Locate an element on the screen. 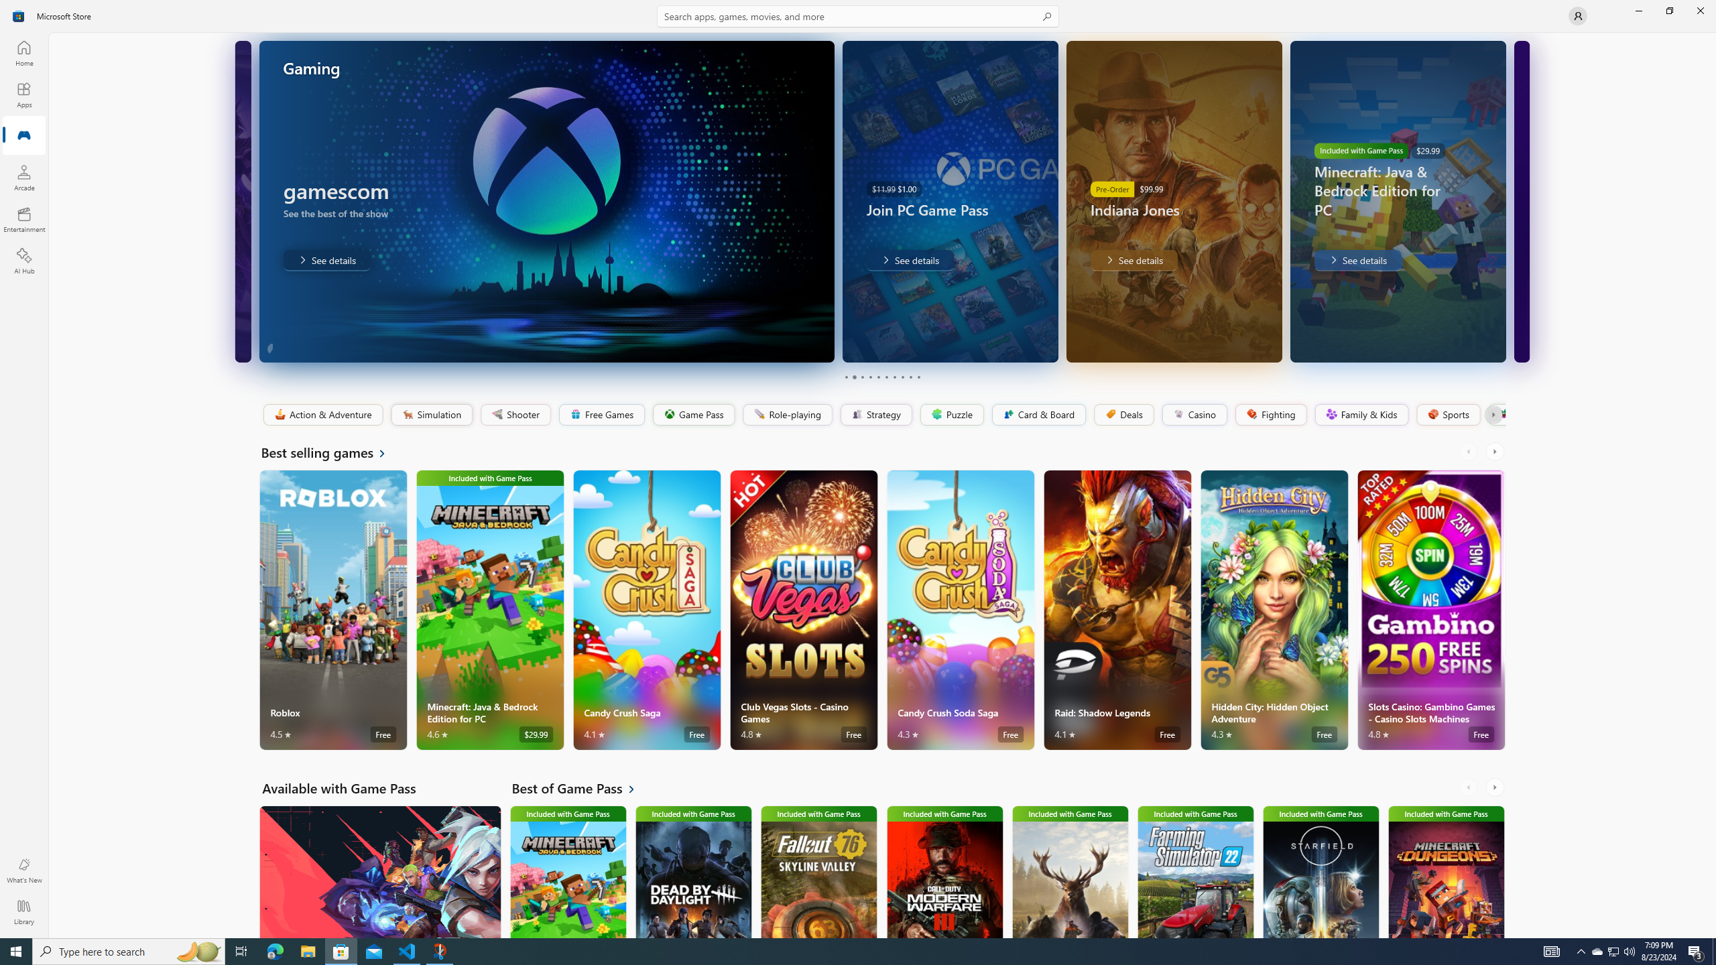 Image resolution: width=1716 pixels, height=965 pixels. 'Simulation' is located at coordinates (431, 414).